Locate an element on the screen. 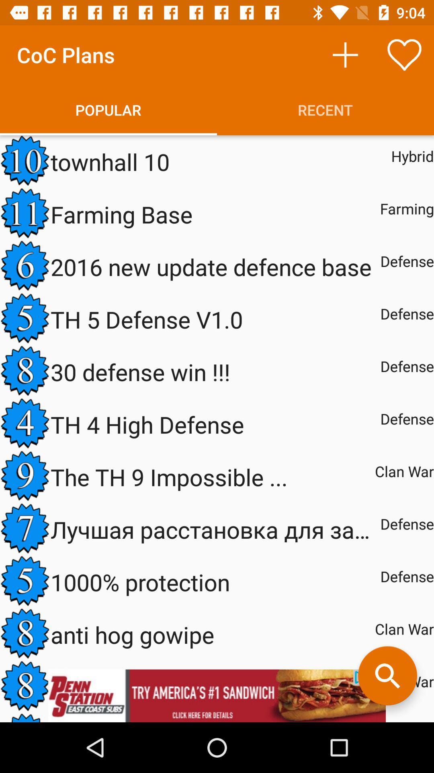  the search icon is located at coordinates (387, 676).